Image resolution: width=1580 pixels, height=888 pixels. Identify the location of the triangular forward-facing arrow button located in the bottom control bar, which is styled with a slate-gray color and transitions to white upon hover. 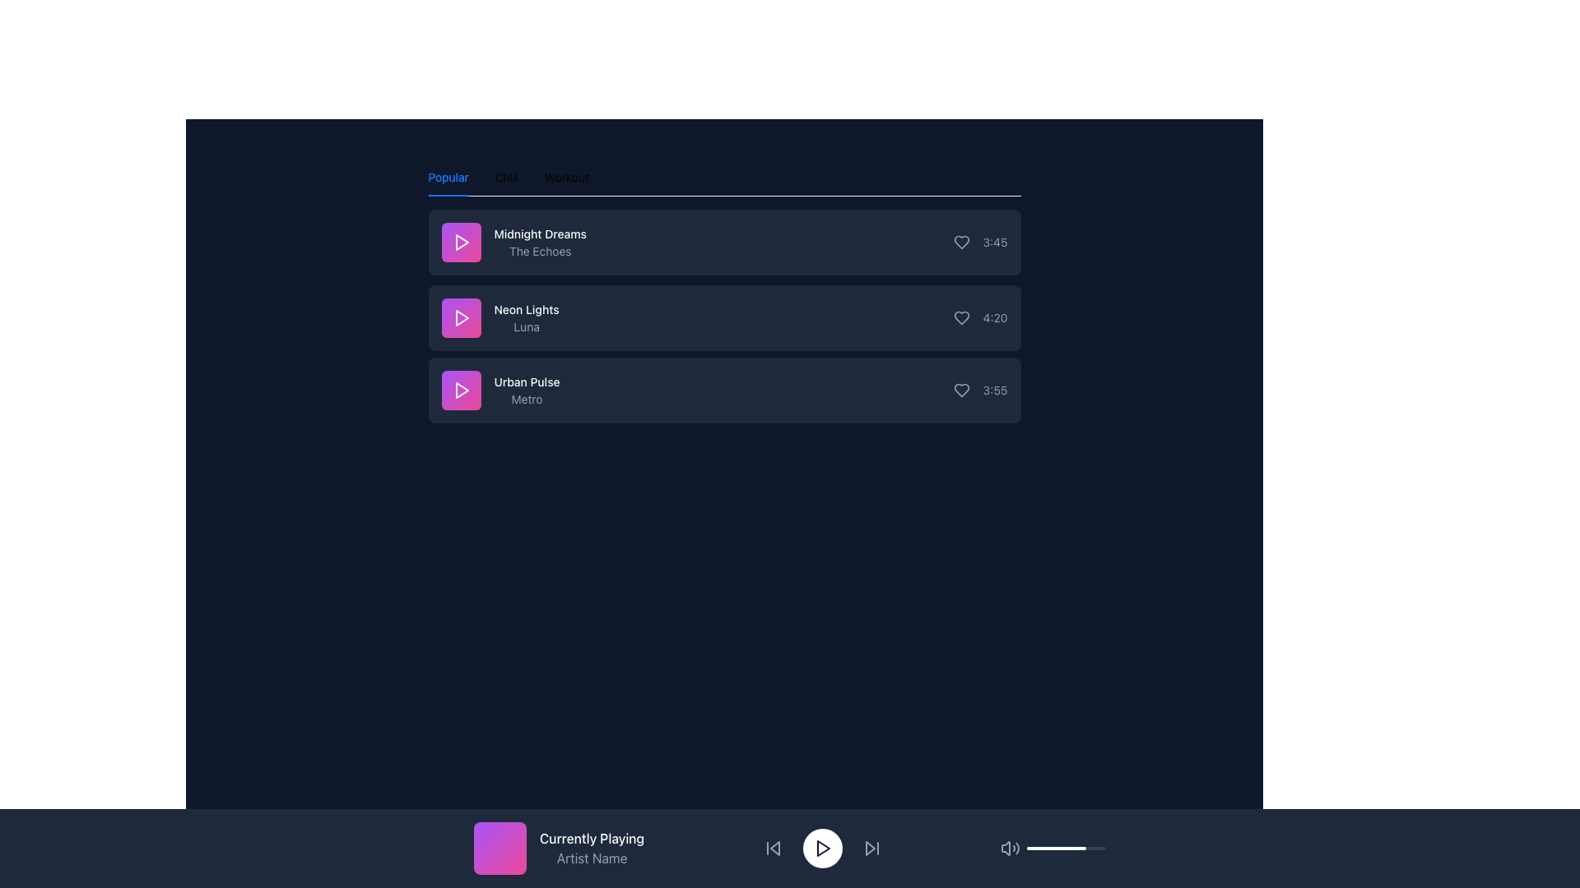
(871, 849).